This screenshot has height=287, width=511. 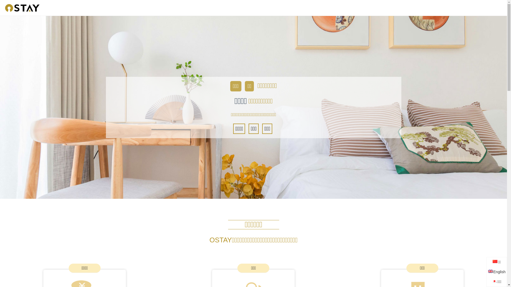 What do you see at coordinates (497, 272) in the screenshot?
I see `'English'` at bounding box center [497, 272].